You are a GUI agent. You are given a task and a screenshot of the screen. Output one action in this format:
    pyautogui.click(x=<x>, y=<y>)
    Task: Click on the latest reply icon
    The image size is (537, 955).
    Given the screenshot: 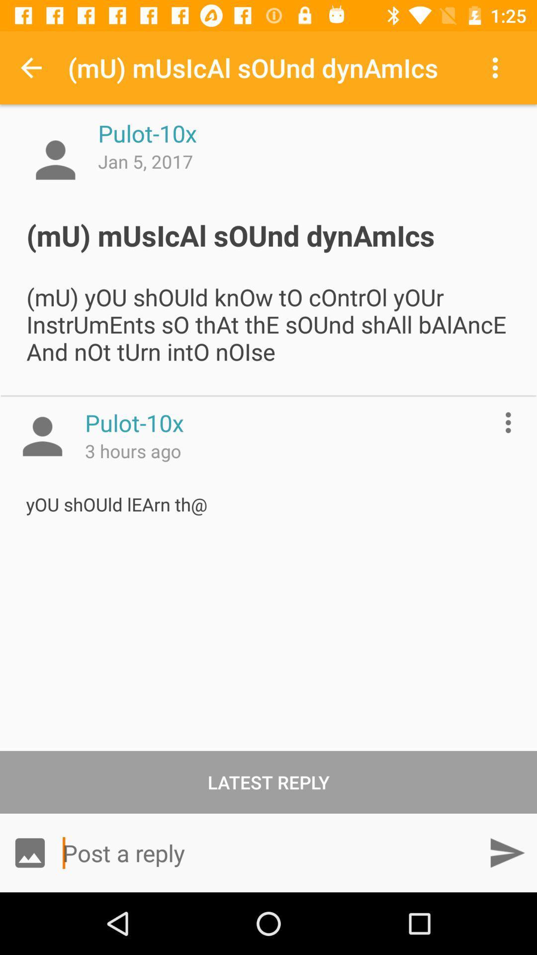 What is the action you would take?
    pyautogui.click(x=268, y=781)
    